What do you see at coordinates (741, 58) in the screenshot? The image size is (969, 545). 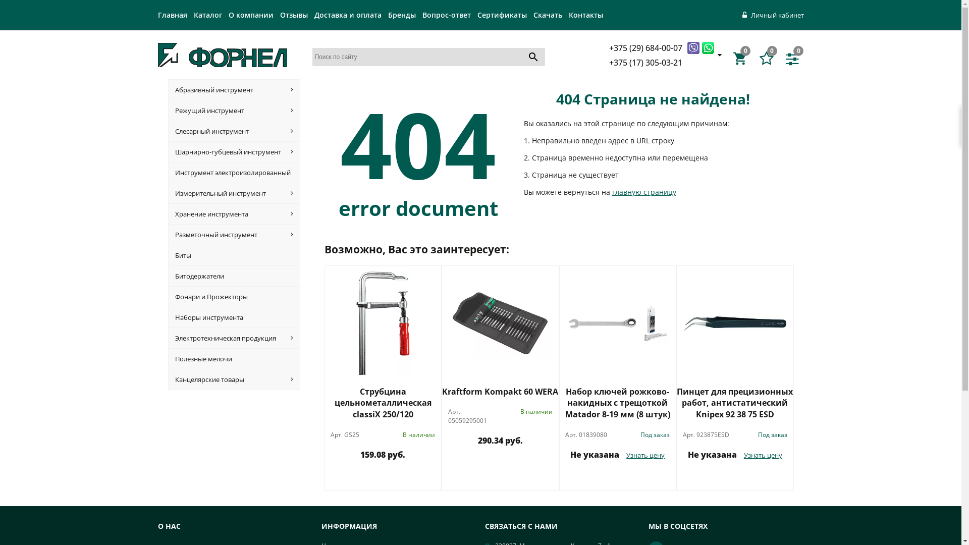 I see `'local_grocery_store` at bounding box center [741, 58].